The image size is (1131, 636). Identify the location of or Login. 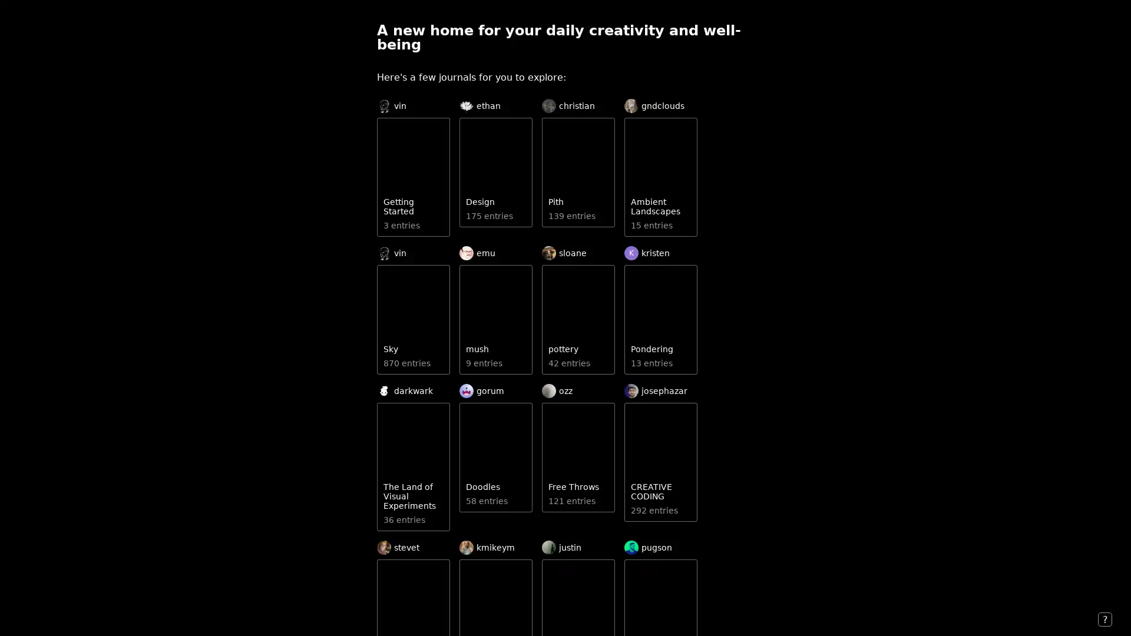
(171, 612).